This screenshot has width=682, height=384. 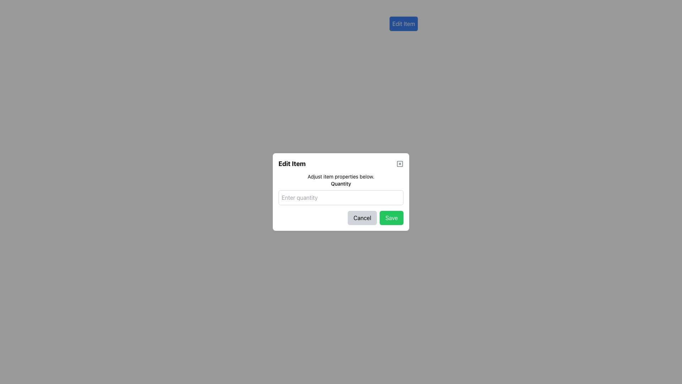 What do you see at coordinates (404, 23) in the screenshot?
I see `the edit button located at the top-right section of the interface` at bounding box center [404, 23].